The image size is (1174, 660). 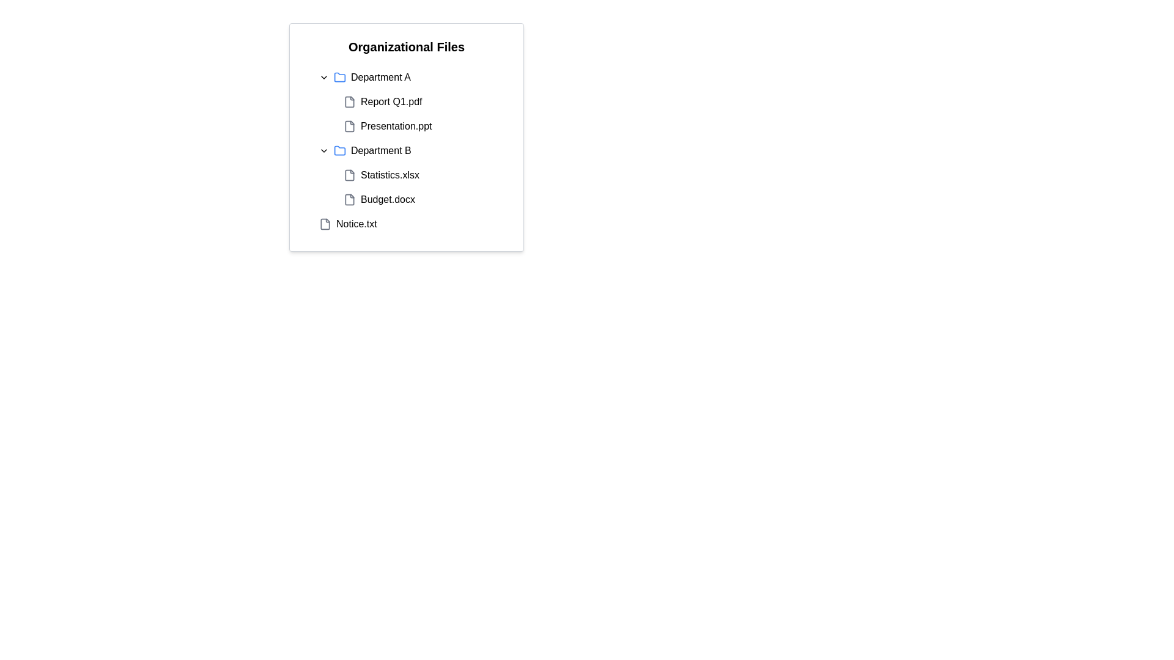 What do you see at coordinates (349, 199) in the screenshot?
I see `the appearance of the SVG file icon element representing 'Budget.docx', which is situated under the 'Department B' folder and between 'Statistics.xlsx' and 'Notice.txt'` at bounding box center [349, 199].